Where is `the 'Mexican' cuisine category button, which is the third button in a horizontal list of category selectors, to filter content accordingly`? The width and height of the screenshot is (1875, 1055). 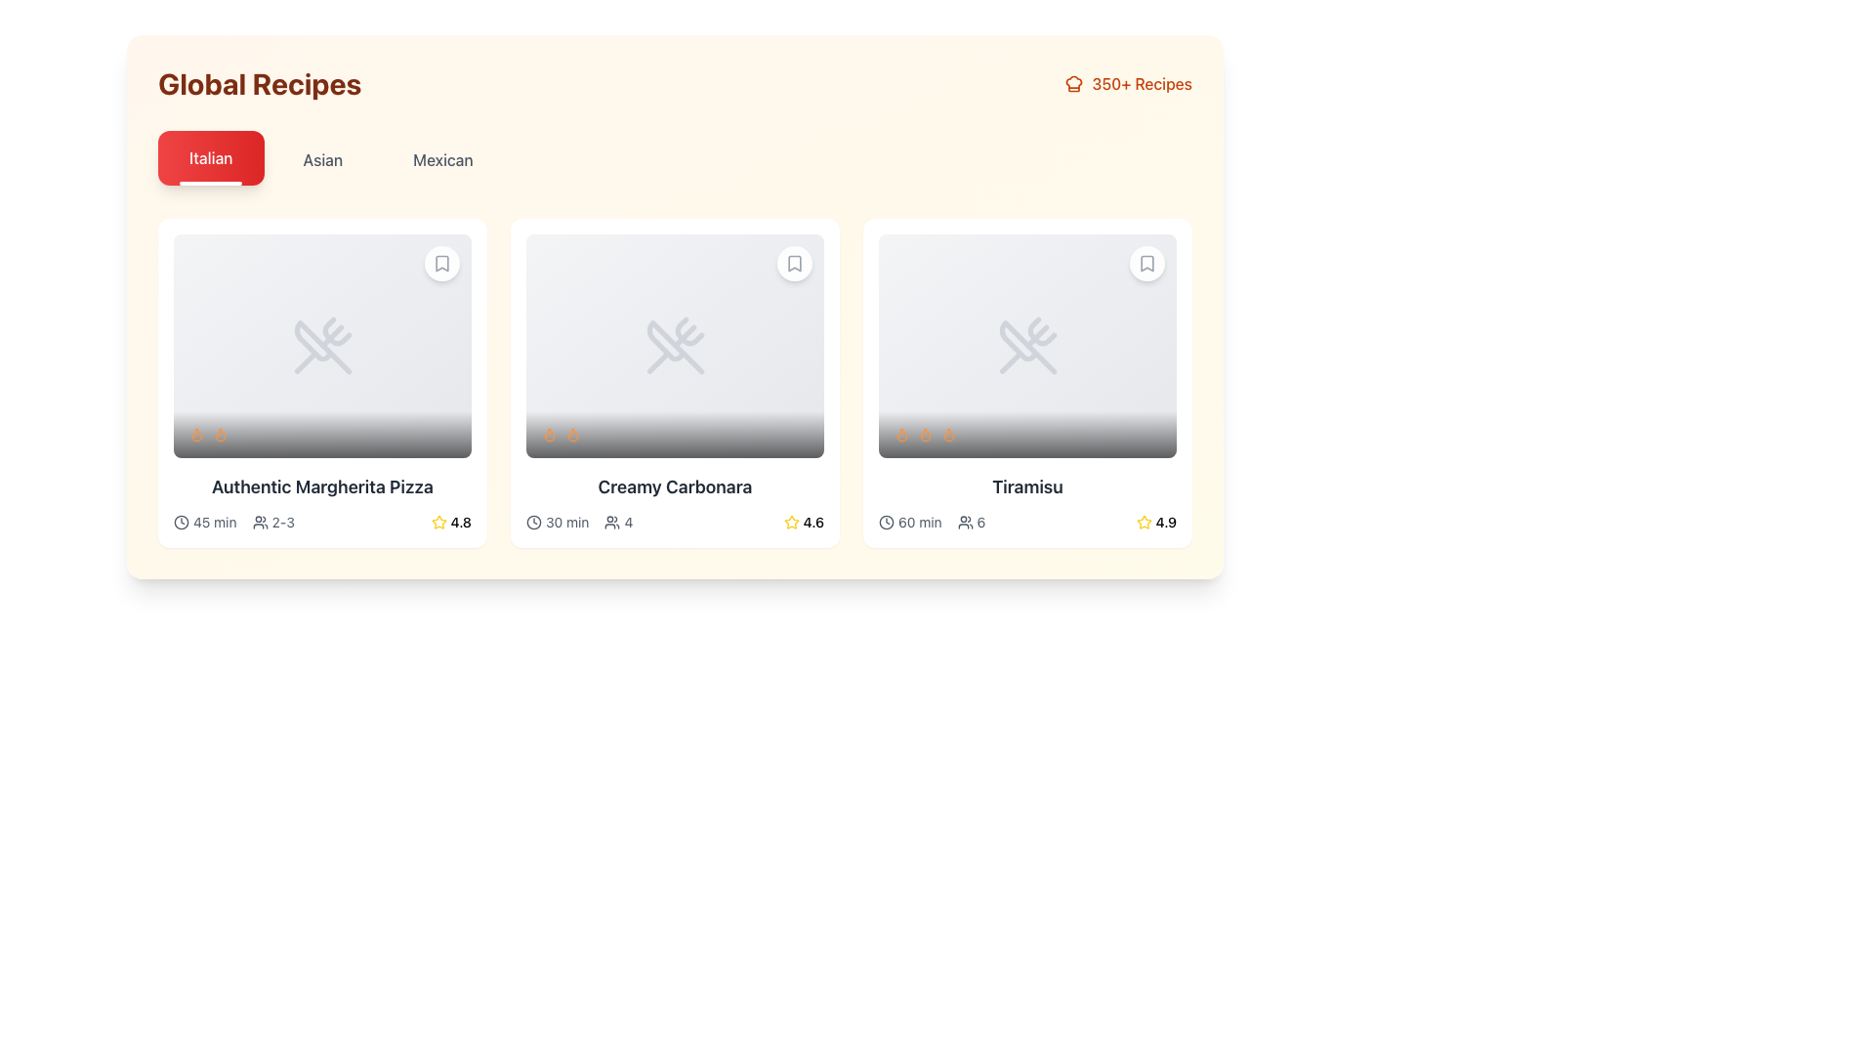 the 'Mexican' cuisine category button, which is the third button in a horizontal list of category selectors, to filter content accordingly is located at coordinates (441, 159).